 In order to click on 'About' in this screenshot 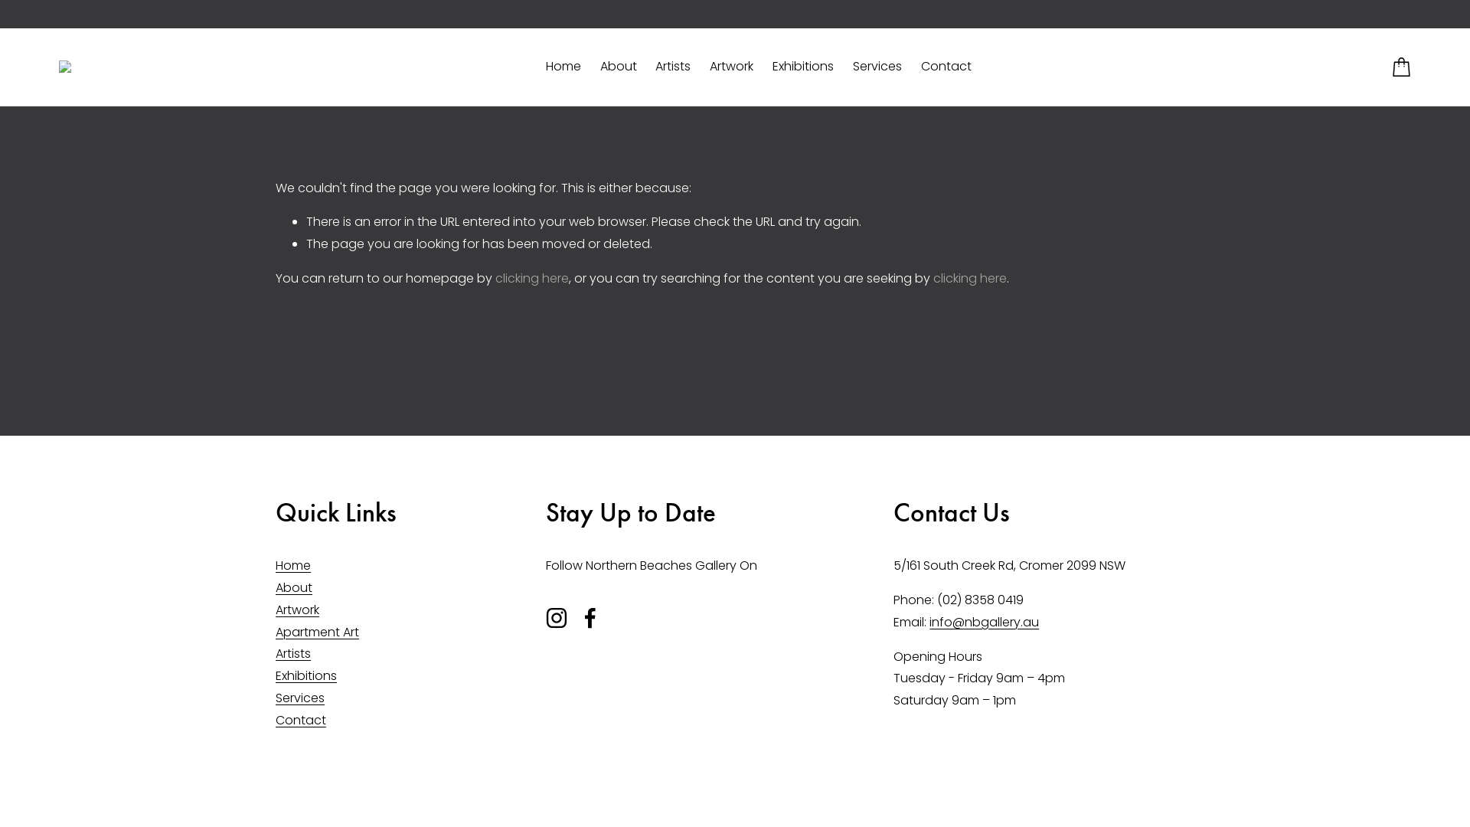, I will do `click(618, 66)`.